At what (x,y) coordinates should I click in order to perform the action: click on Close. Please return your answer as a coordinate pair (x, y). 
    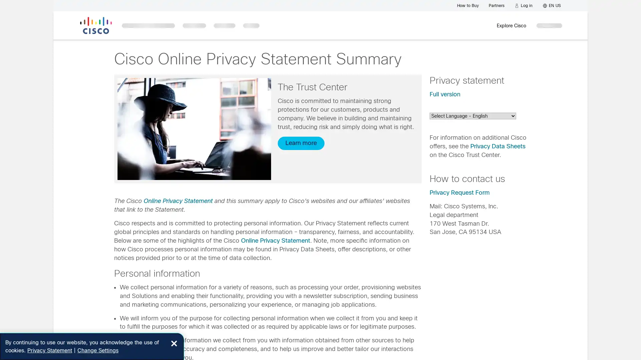
    Looking at the image, I should click on (174, 343).